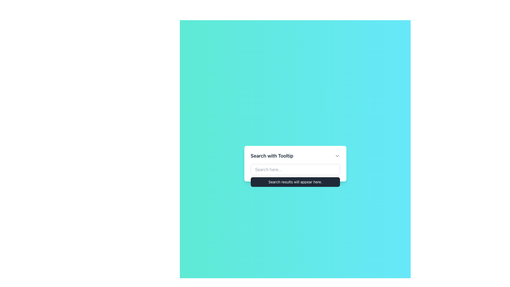 The height and width of the screenshot is (287, 510). What do you see at coordinates (337, 155) in the screenshot?
I see `the icon button located in the top right corner of the 'Search with Tooltip' header` at bounding box center [337, 155].